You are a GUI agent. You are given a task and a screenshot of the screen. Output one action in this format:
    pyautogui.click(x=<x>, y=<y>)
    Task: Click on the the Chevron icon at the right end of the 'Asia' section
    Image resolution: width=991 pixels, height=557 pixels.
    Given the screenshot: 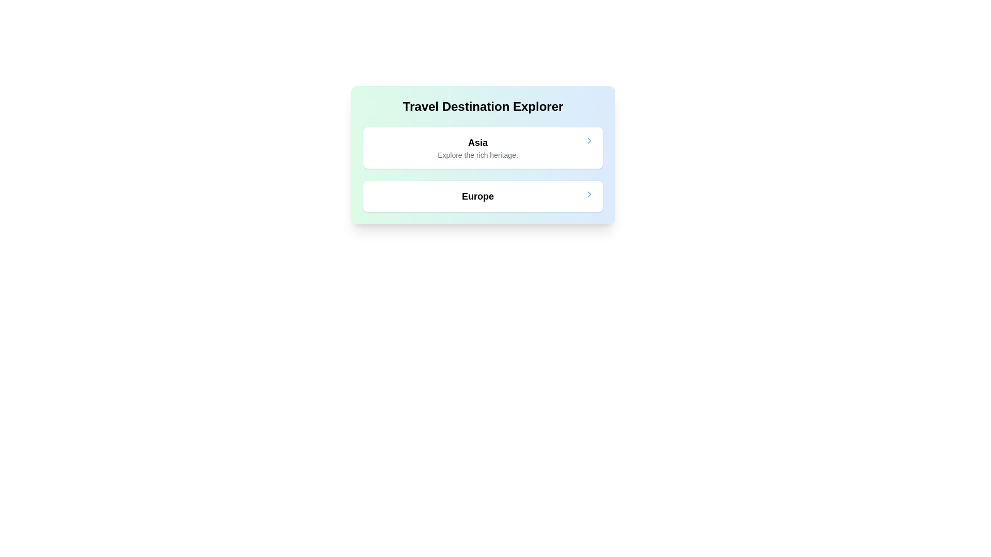 What is the action you would take?
    pyautogui.click(x=589, y=141)
    